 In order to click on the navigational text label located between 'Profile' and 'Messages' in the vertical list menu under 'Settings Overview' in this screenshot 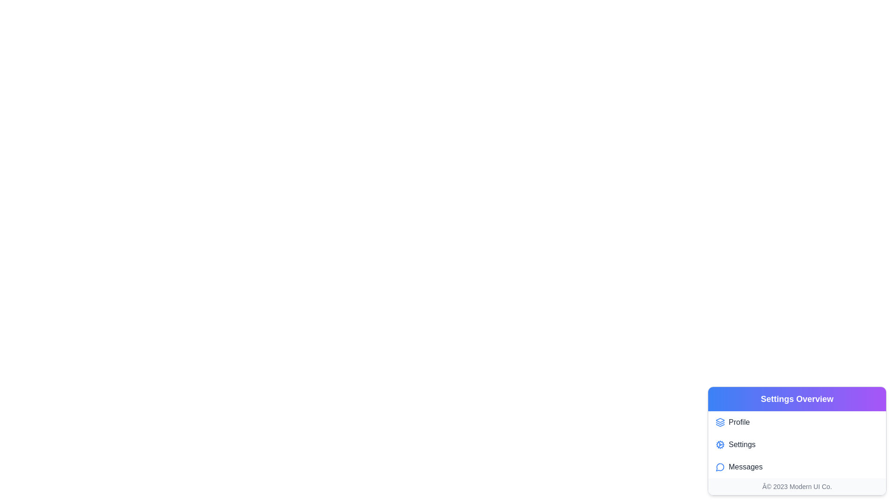, I will do `click(741, 444)`.